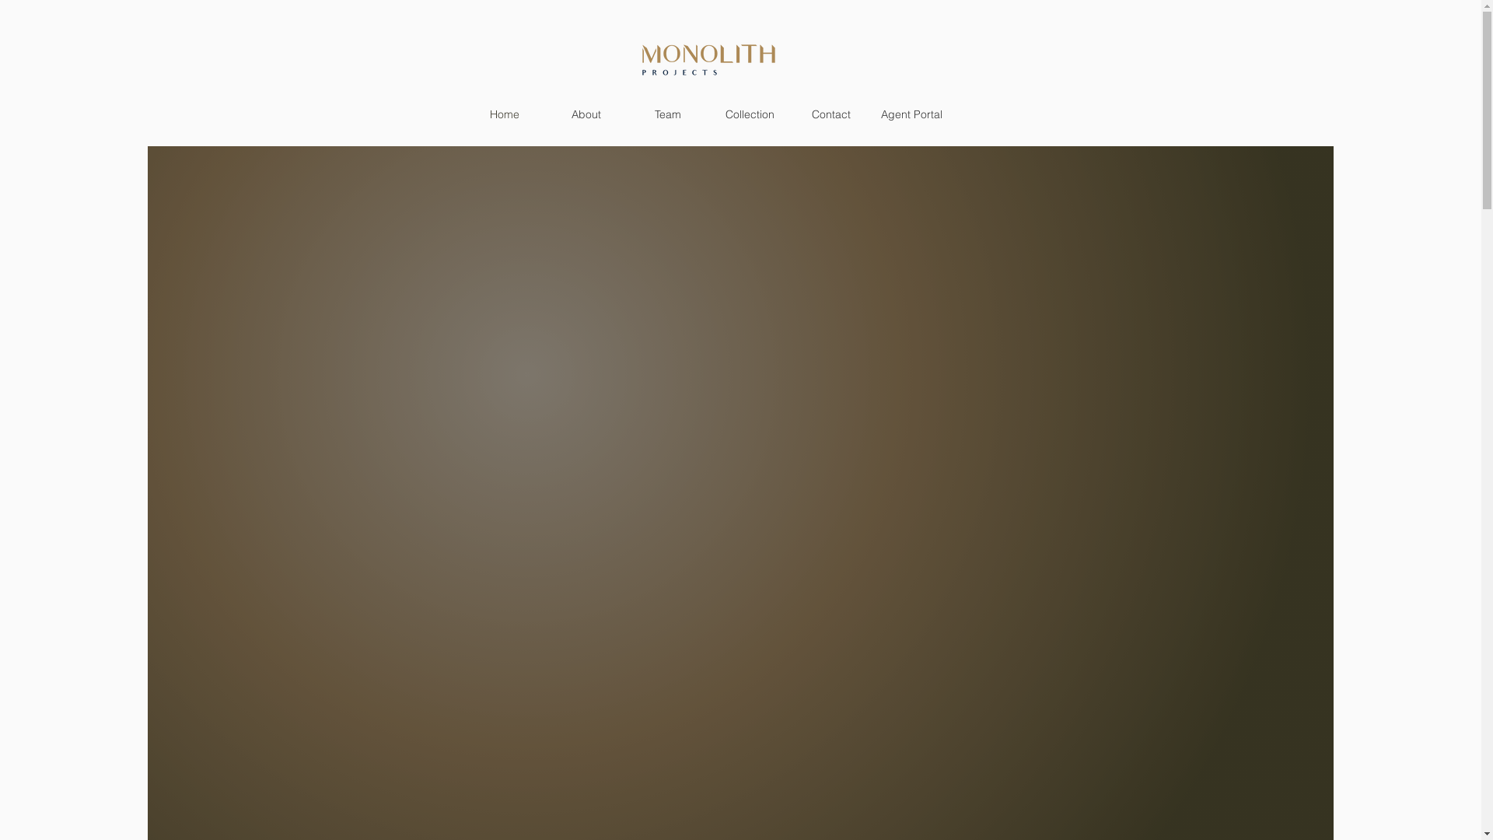 The width and height of the screenshot is (1493, 840). I want to click on 'Contact', so click(790, 113).